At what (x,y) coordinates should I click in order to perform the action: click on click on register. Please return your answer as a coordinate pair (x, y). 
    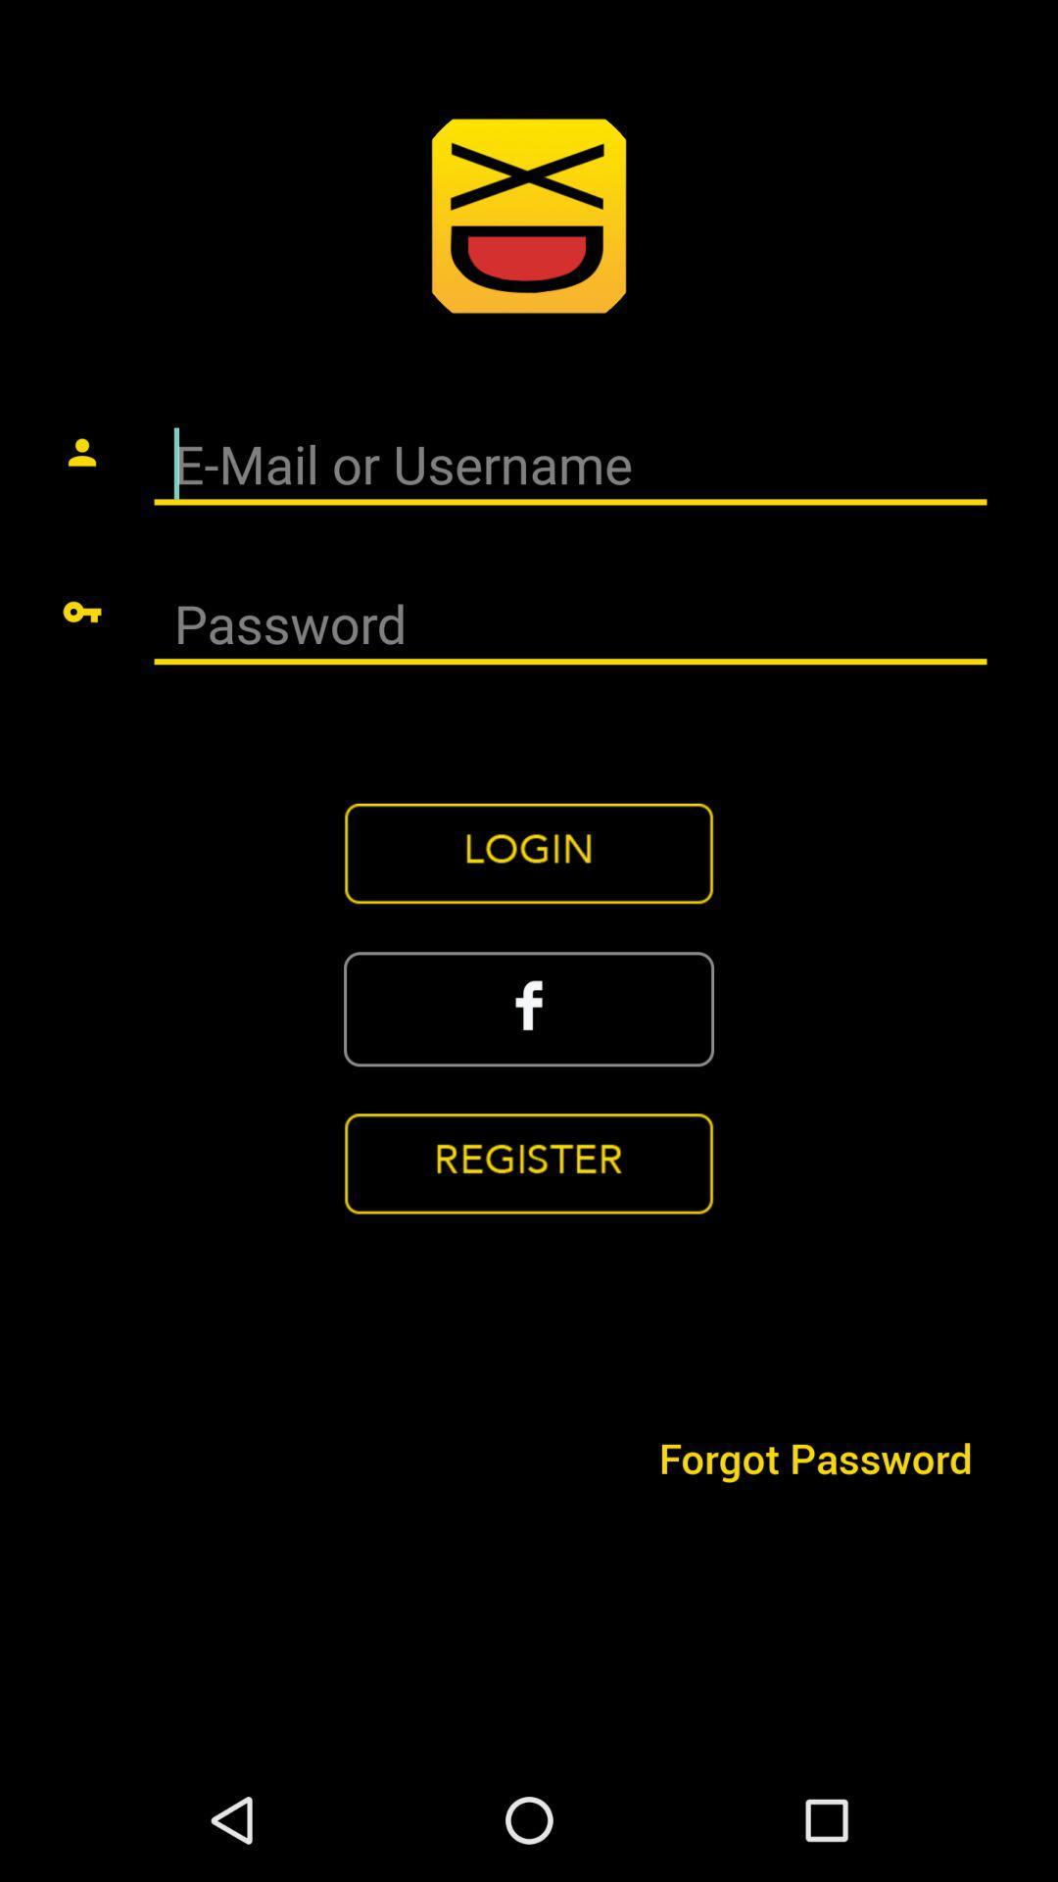
    Looking at the image, I should click on (529, 1164).